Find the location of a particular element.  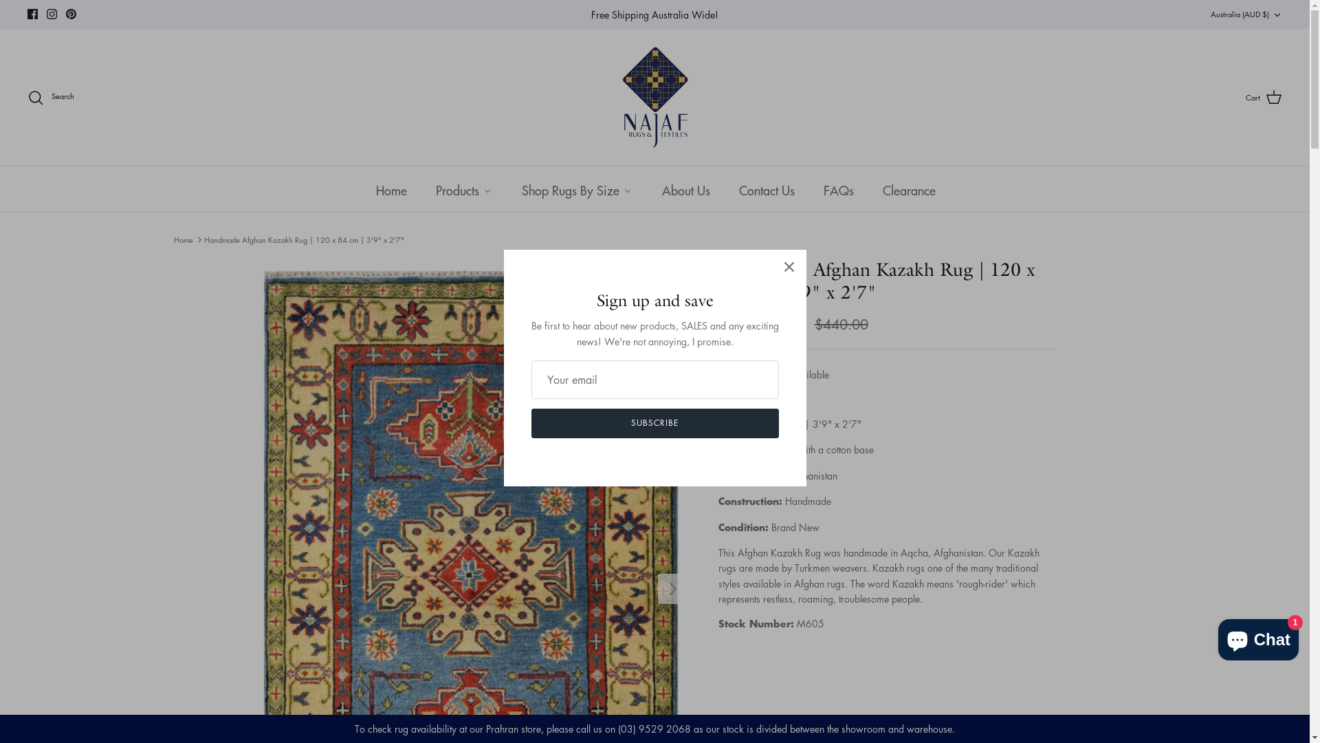

'RIGHT' is located at coordinates (656, 588).